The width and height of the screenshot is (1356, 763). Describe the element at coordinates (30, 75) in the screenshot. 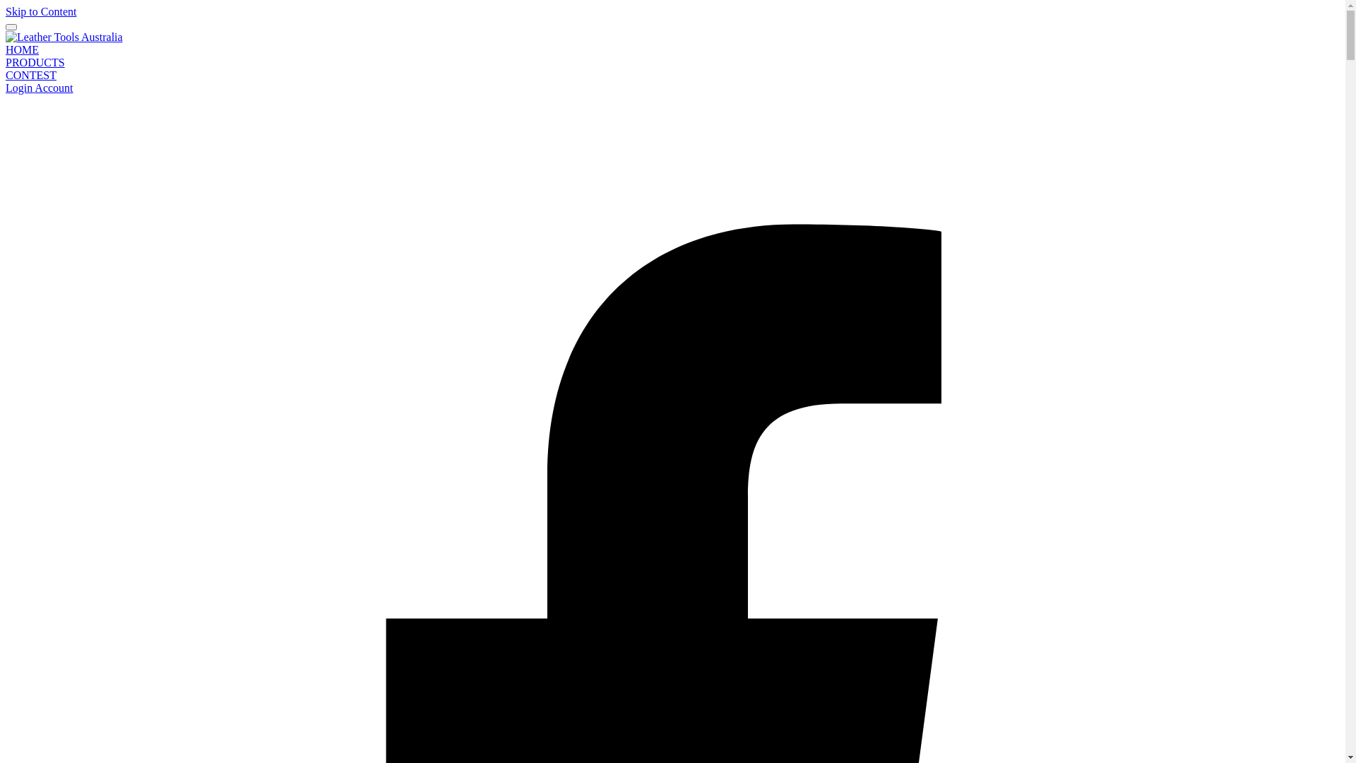

I see `'CONTEST'` at that location.